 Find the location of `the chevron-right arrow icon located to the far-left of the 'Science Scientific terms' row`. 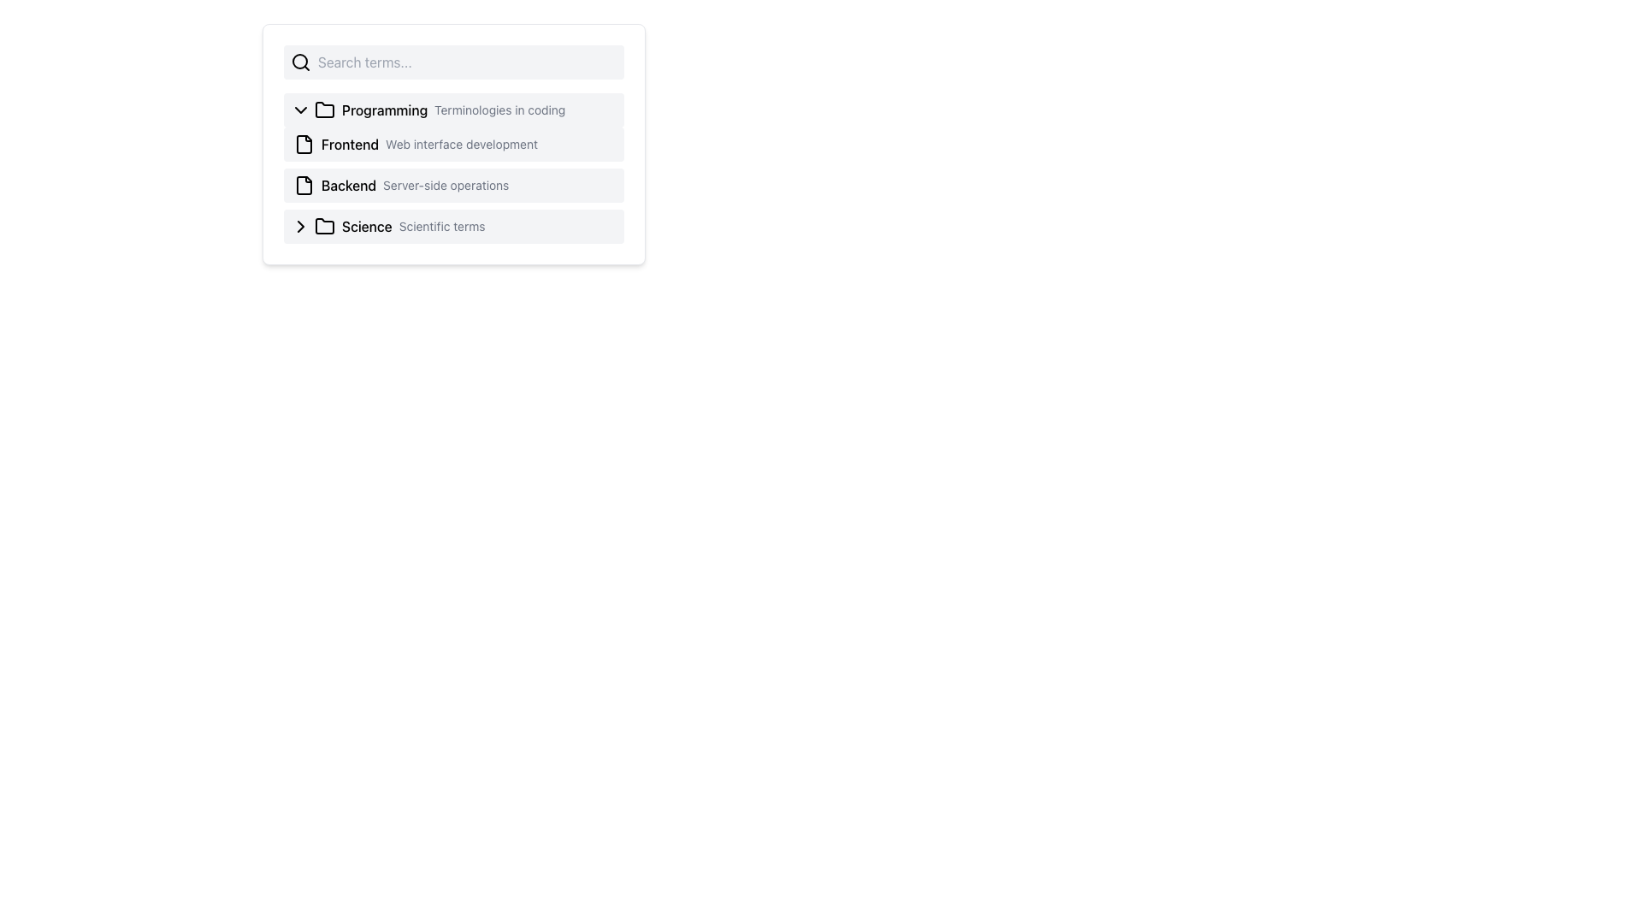

the chevron-right arrow icon located to the far-left of the 'Science Scientific terms' row is located at coordinates (300, 226).